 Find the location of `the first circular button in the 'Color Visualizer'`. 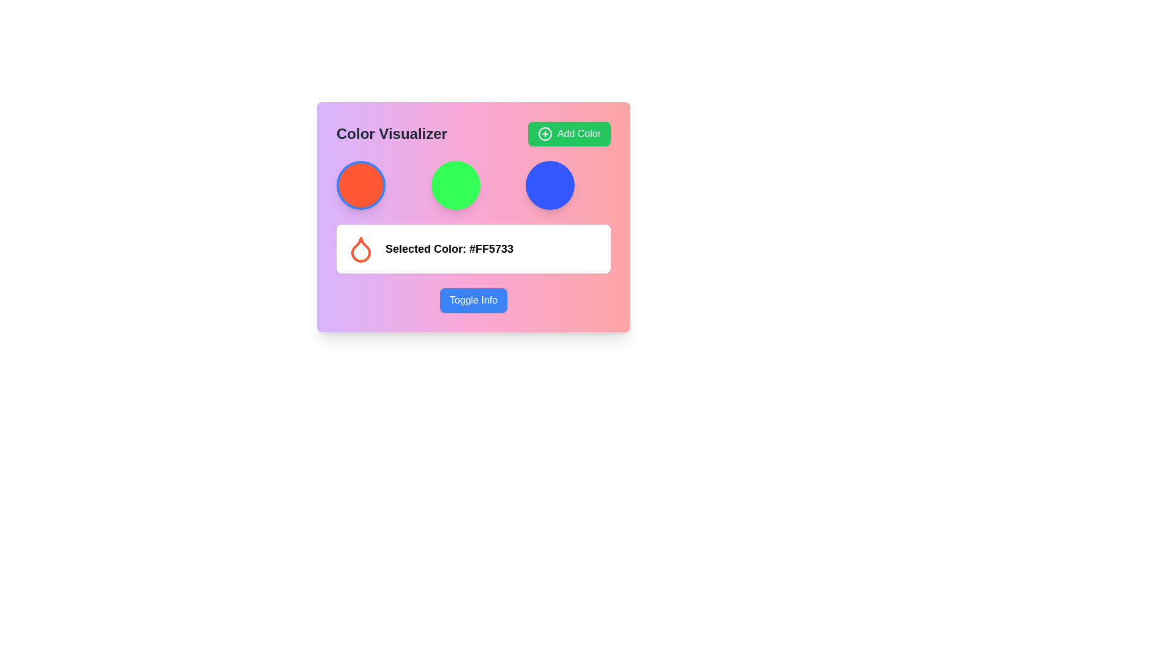

the first circular button in the 'Color Visualizer' is located at coordinates (360, 185).